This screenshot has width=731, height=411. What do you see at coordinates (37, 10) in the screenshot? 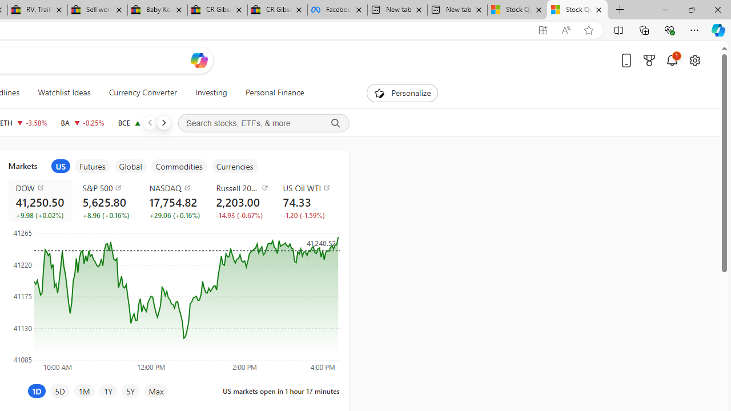
I see `'RV, Trailer & Camper Steps & Ladders for sale | eBay'` at bounding box center [37, 10].